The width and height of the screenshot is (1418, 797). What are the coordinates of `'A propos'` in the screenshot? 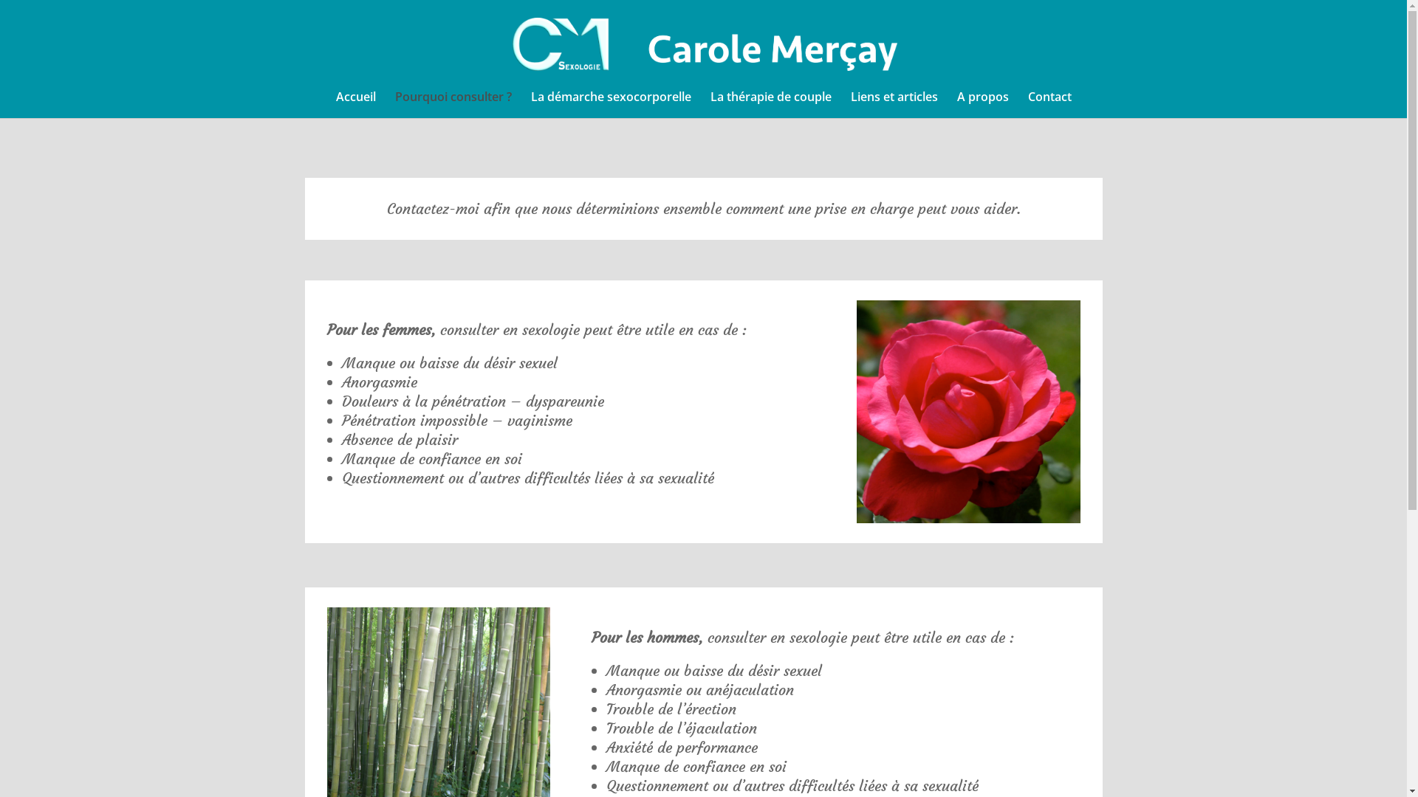 It's located at (982, 104).